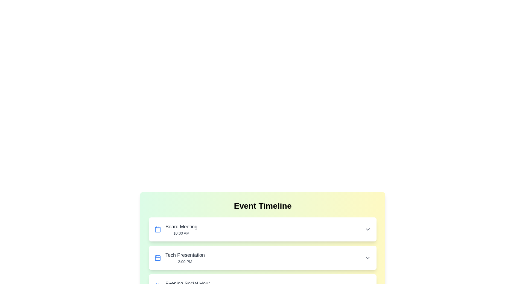 This screenshot has width=525, height=295. What do you see at coordinates (181, 229) in the screenshot?
I see `the Text display component that shows the title 'Board Meeting' and the time '10:00 AM', which is located in the first row of the event timeline interface` at bounding box center [181, 229].